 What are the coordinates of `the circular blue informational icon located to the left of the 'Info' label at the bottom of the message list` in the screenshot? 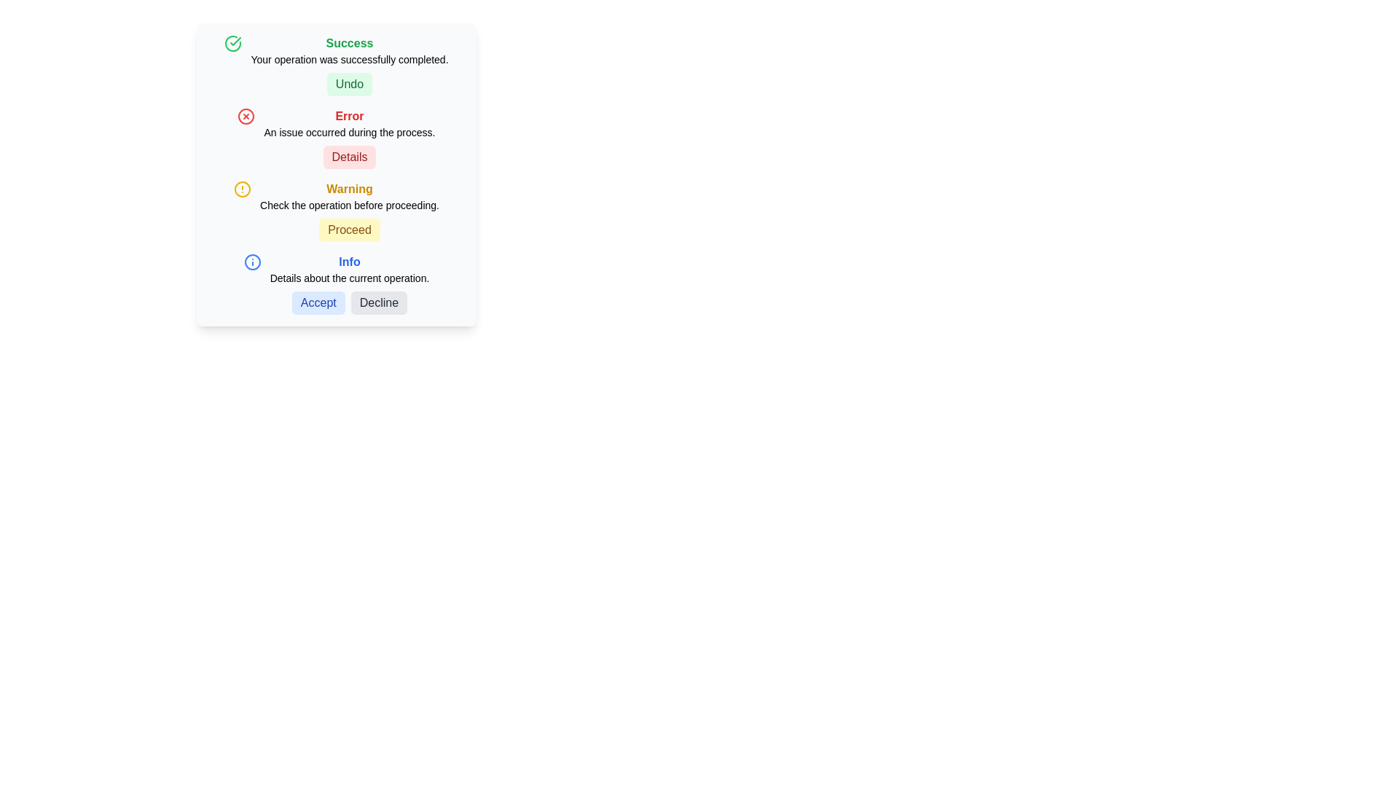 It's located at (252, 261).